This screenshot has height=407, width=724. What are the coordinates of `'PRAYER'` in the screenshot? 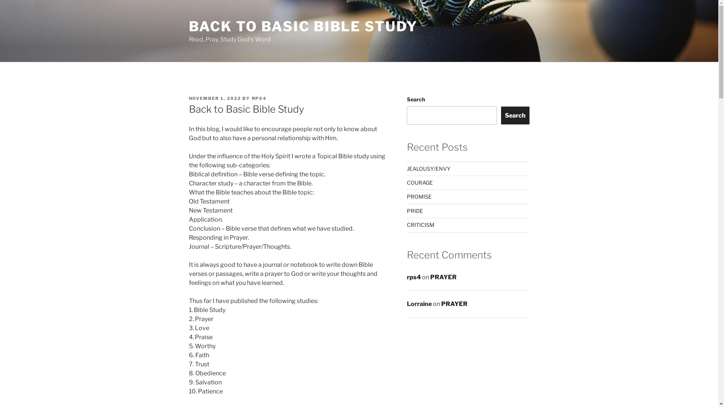 It's located at (454, 303).